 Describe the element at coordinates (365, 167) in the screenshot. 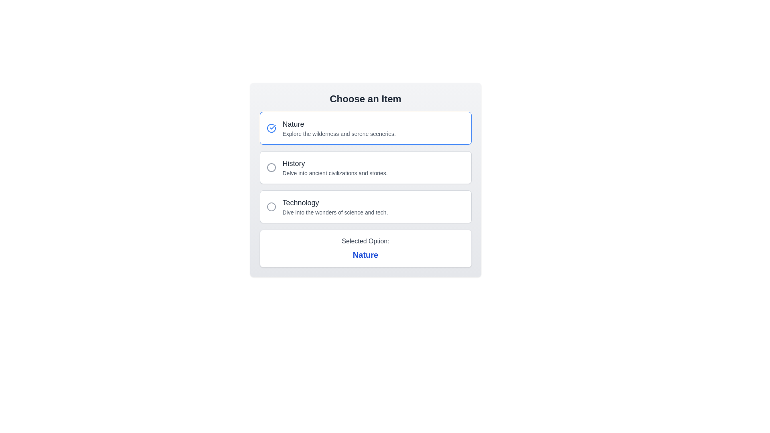

I see `the 'History' selectable list item, which features a circular selection indicator and is styled with a white background and rounded corners, positioned between 'Nature' and 'Technology'` at that location.